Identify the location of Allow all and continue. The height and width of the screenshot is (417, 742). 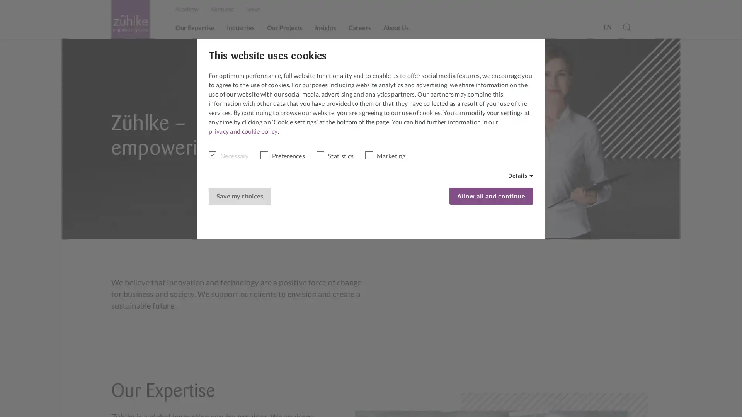
(491, 196).